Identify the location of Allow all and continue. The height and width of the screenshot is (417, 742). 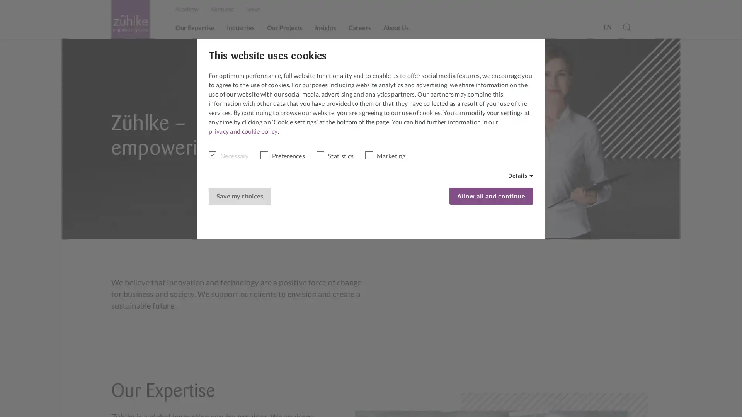
(491, 196).